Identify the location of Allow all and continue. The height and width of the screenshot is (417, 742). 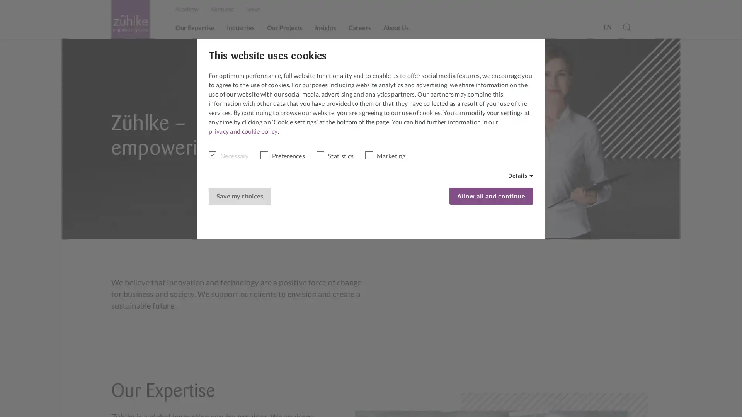
(491, 196).